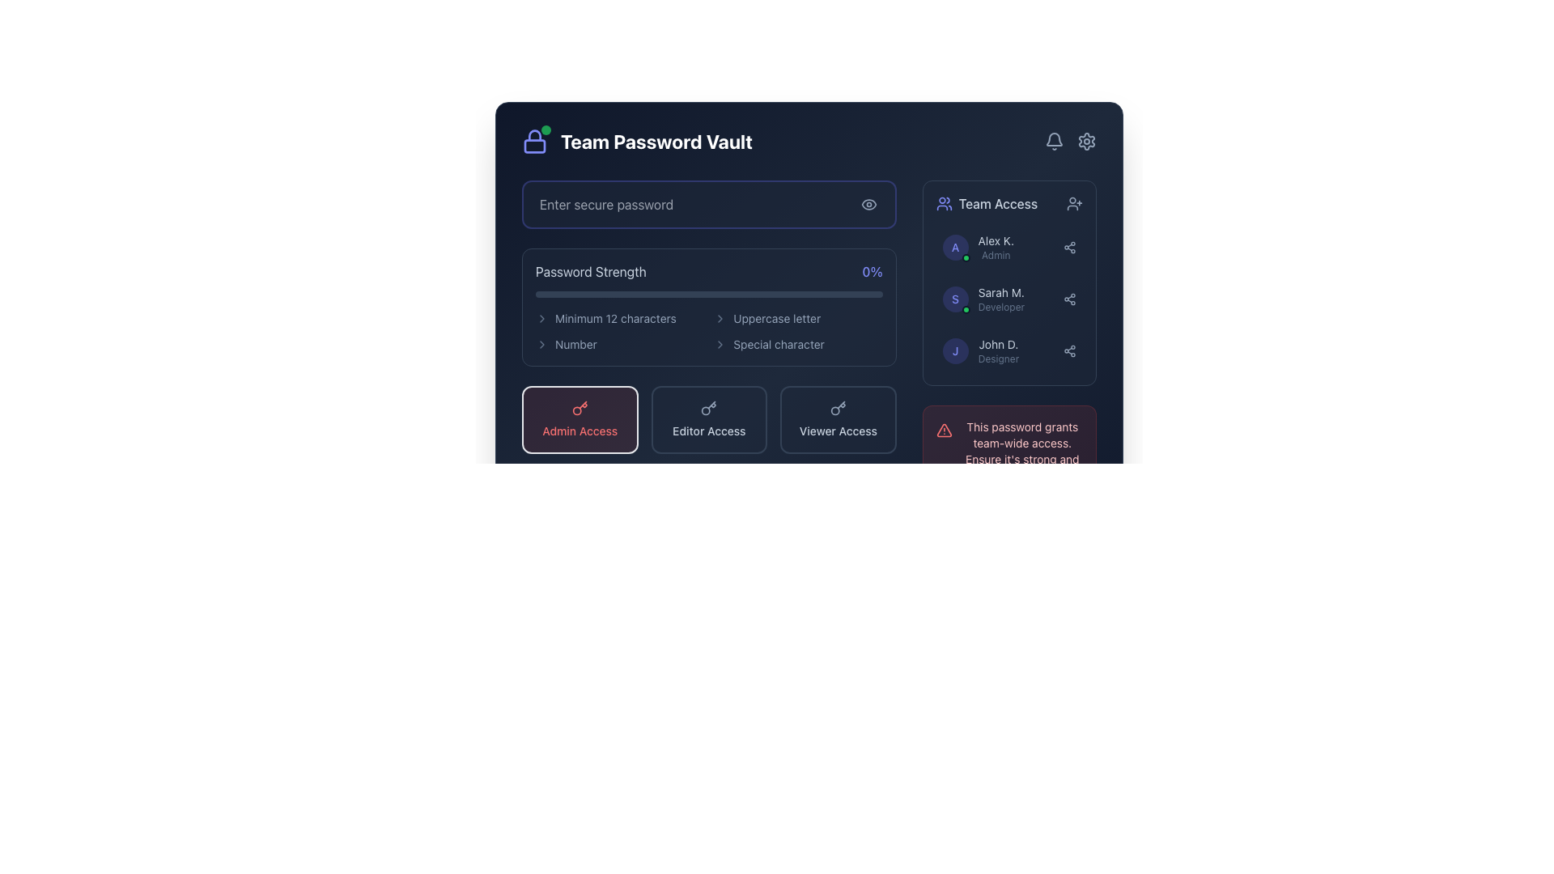 This screenshot has height=874, width=1554. What do you see at coordinates (580, 408) in the screenshot?
I see `the admin access button by clicking on its associated SVG icon, which is located above the 'Admin Access' text label` at bounding box center [580, 408].